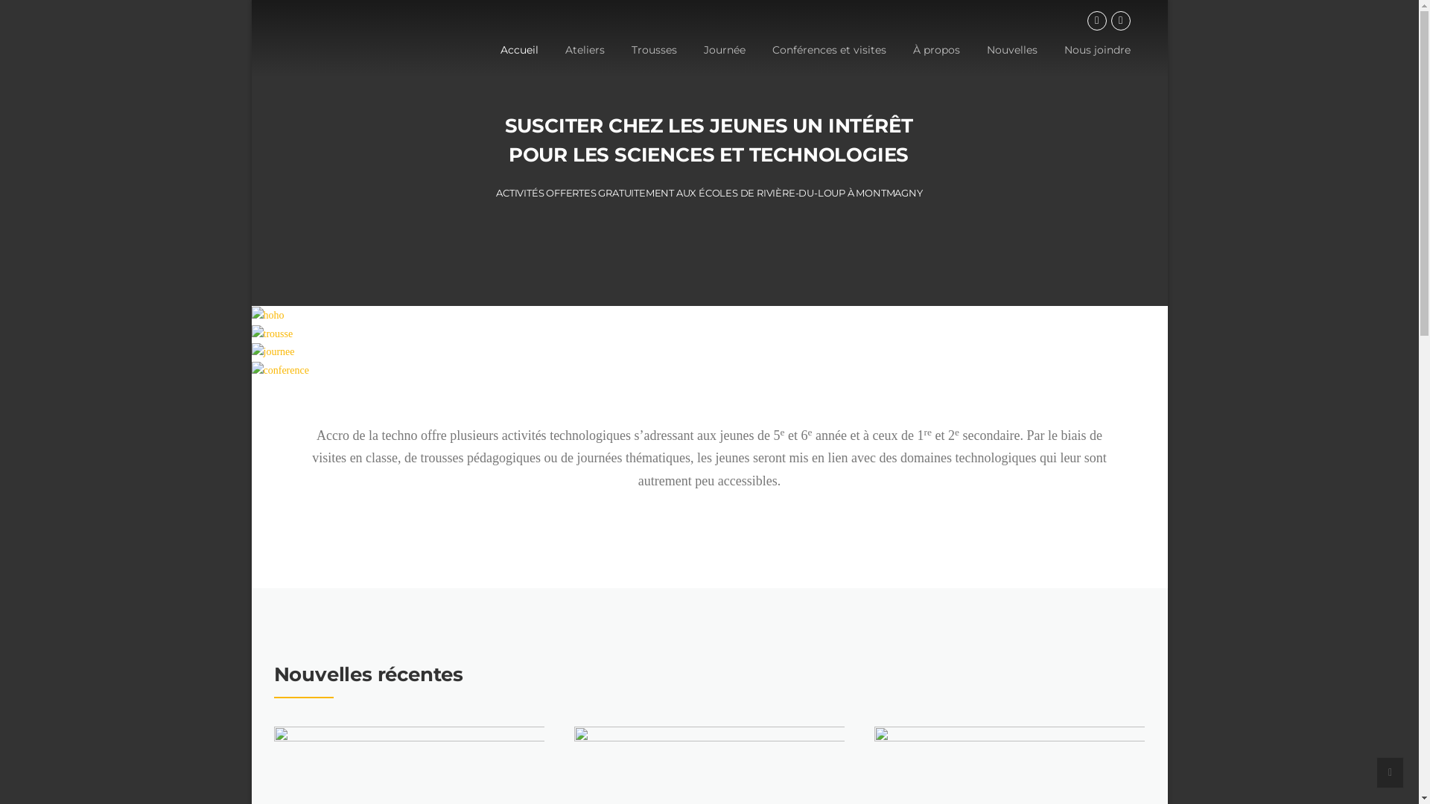 This screenshot has width=1430, height=804. I want to click on 'Accueil', so click(519, 61).